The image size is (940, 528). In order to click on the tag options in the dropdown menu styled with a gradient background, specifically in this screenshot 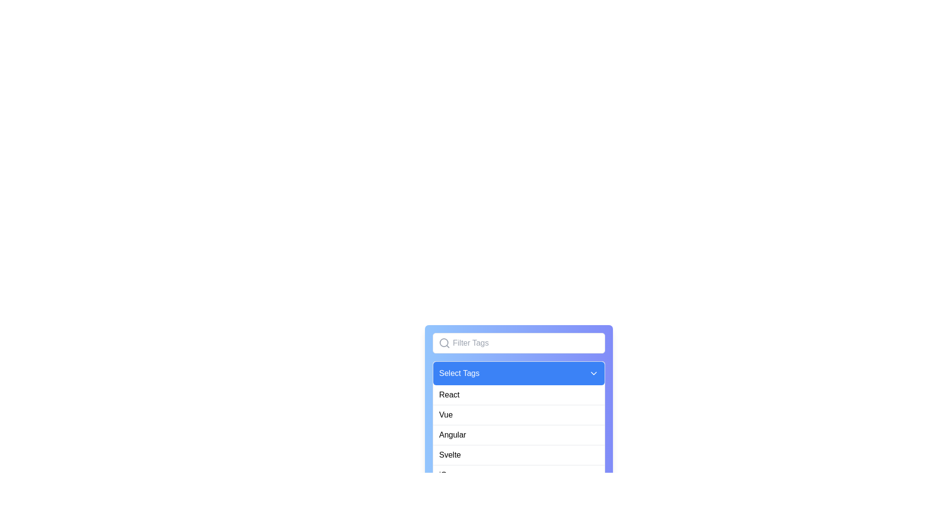, I will do `click(518, 418)`.